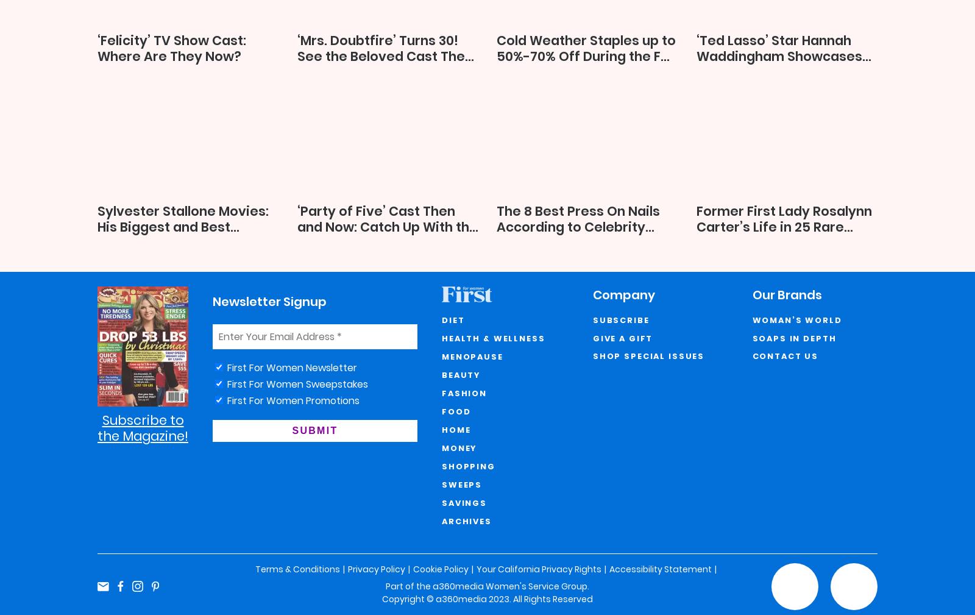  I want to click on 'Fashion', so click(464, 393).